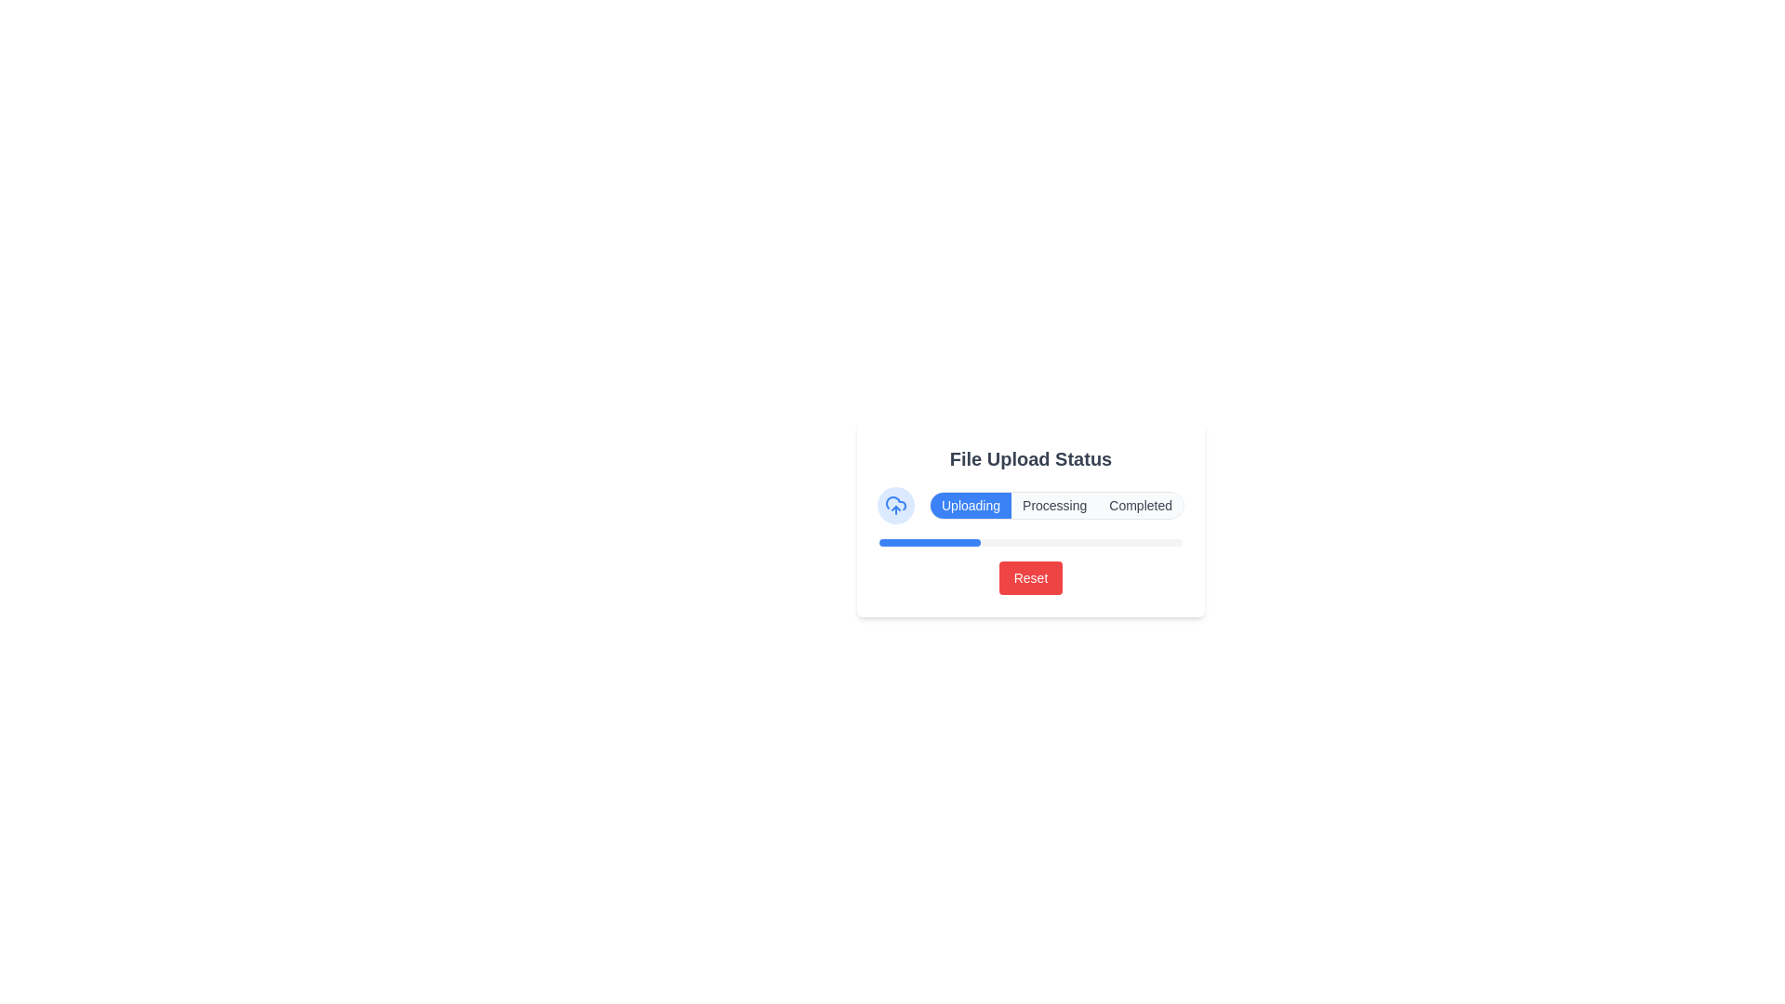 The height and width of the screenshot is (1004, 1785). Describe the element at coordinates (1029, 458) in the screenshot. I see `the text label indicating the file upload status, which serves as a header for the upload section` at that location.